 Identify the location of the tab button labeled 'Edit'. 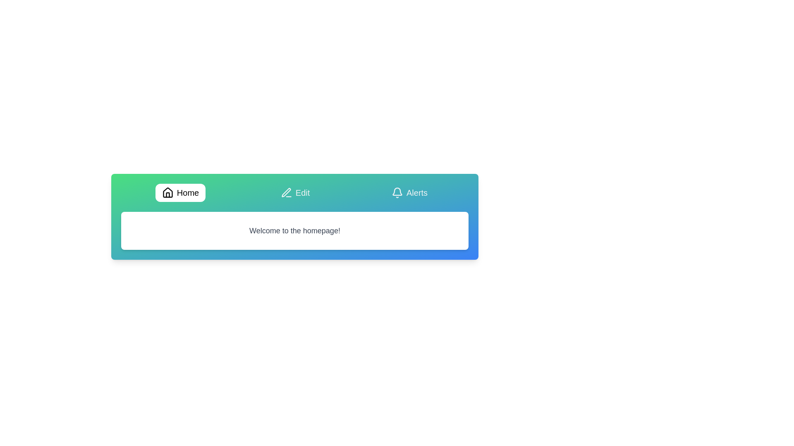
(295, 192).